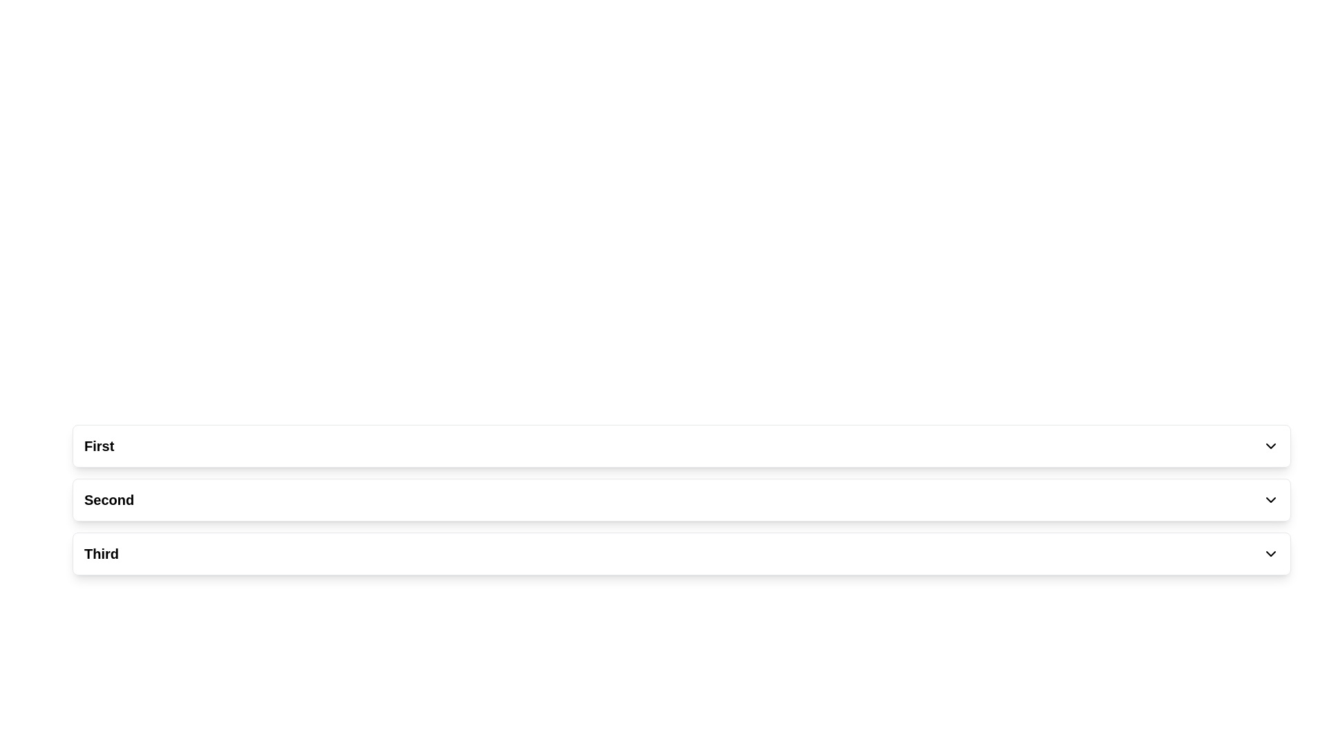 This screenshot has height=746, width=1327. Describe the element at coordinates (681, 500) in the screenshot. I see `the second Dropdown list item located between 'First' and 'Third'` at that location.